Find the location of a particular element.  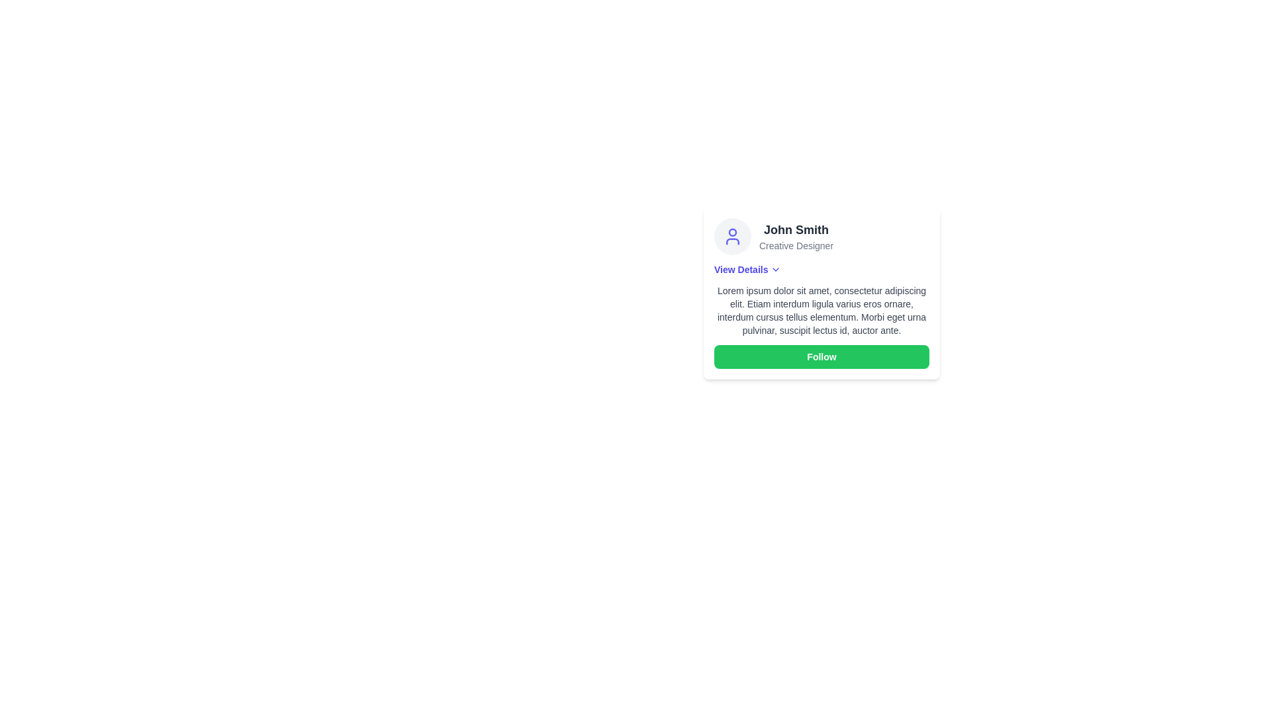

the dropdown icon located immediately to the right of the 'View Details' text is located at coordinates (776, 269).